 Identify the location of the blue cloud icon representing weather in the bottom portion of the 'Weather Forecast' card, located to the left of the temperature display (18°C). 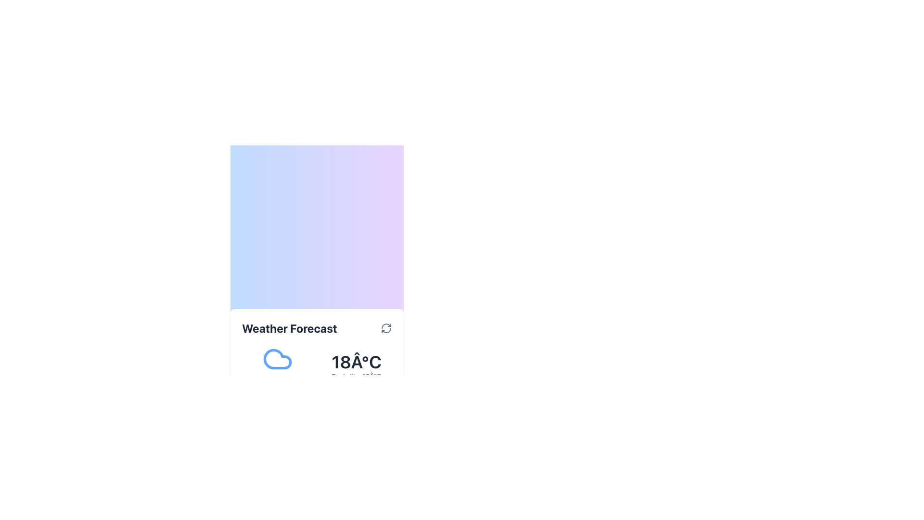
(277, 359).